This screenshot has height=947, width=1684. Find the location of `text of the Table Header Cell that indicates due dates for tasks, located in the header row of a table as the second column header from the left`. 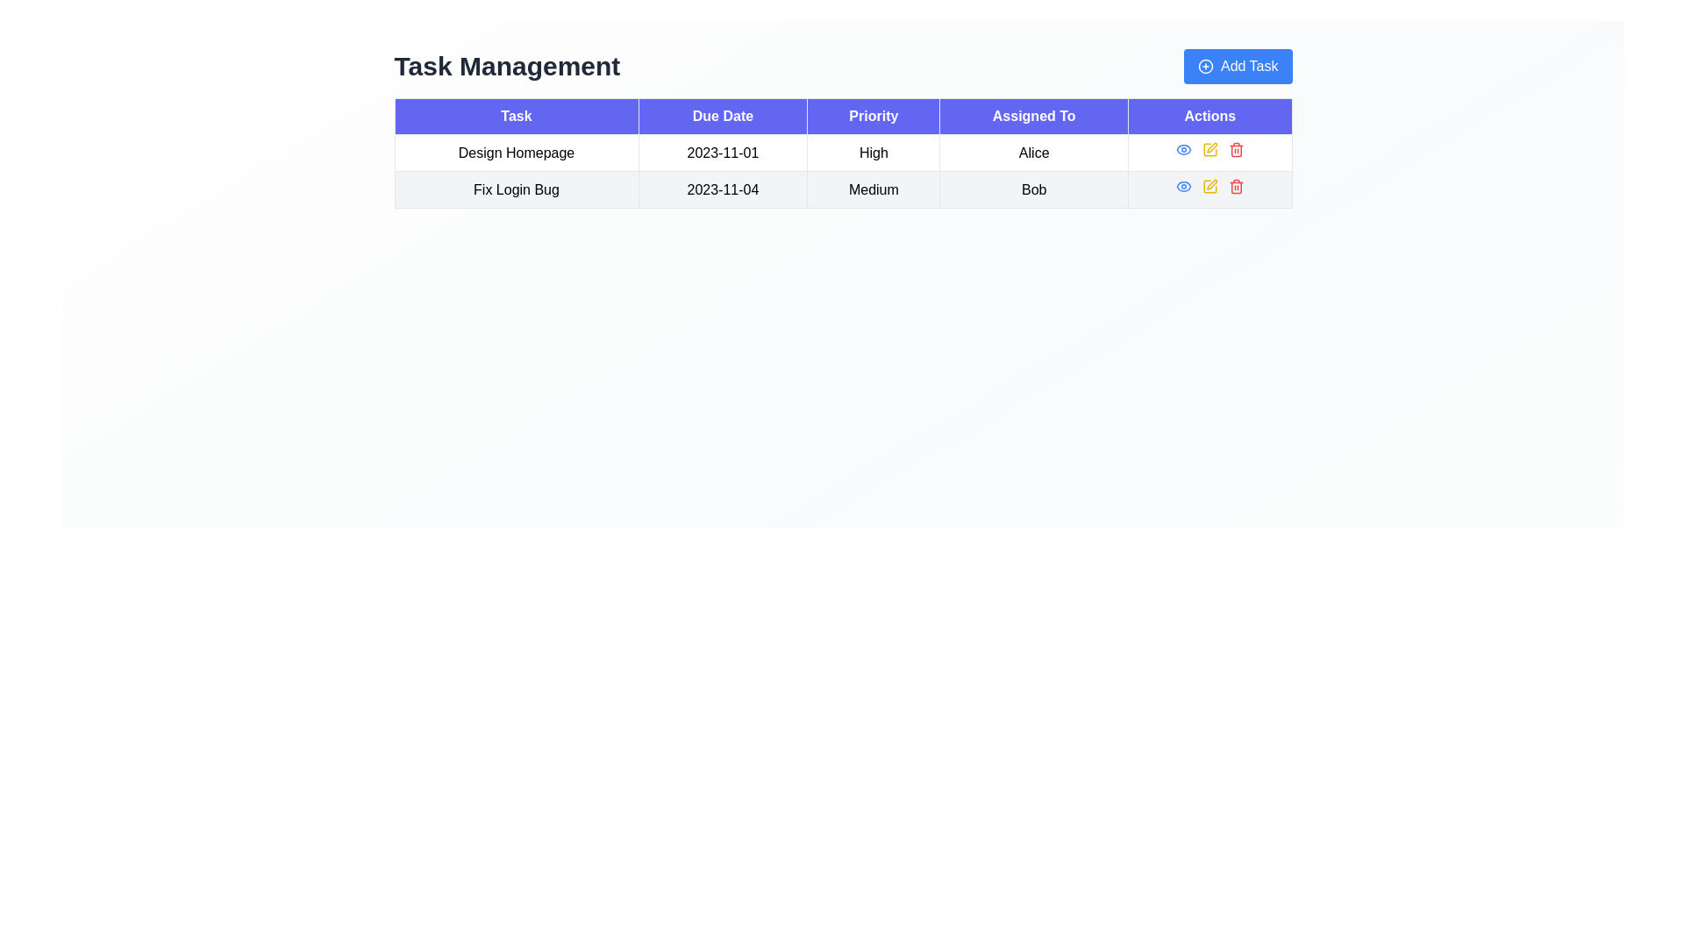

text of the Table Header Cell that indicates due dates for tasks, located in the header row of a table as the second column header from the left is located at coordinates (723, 116).